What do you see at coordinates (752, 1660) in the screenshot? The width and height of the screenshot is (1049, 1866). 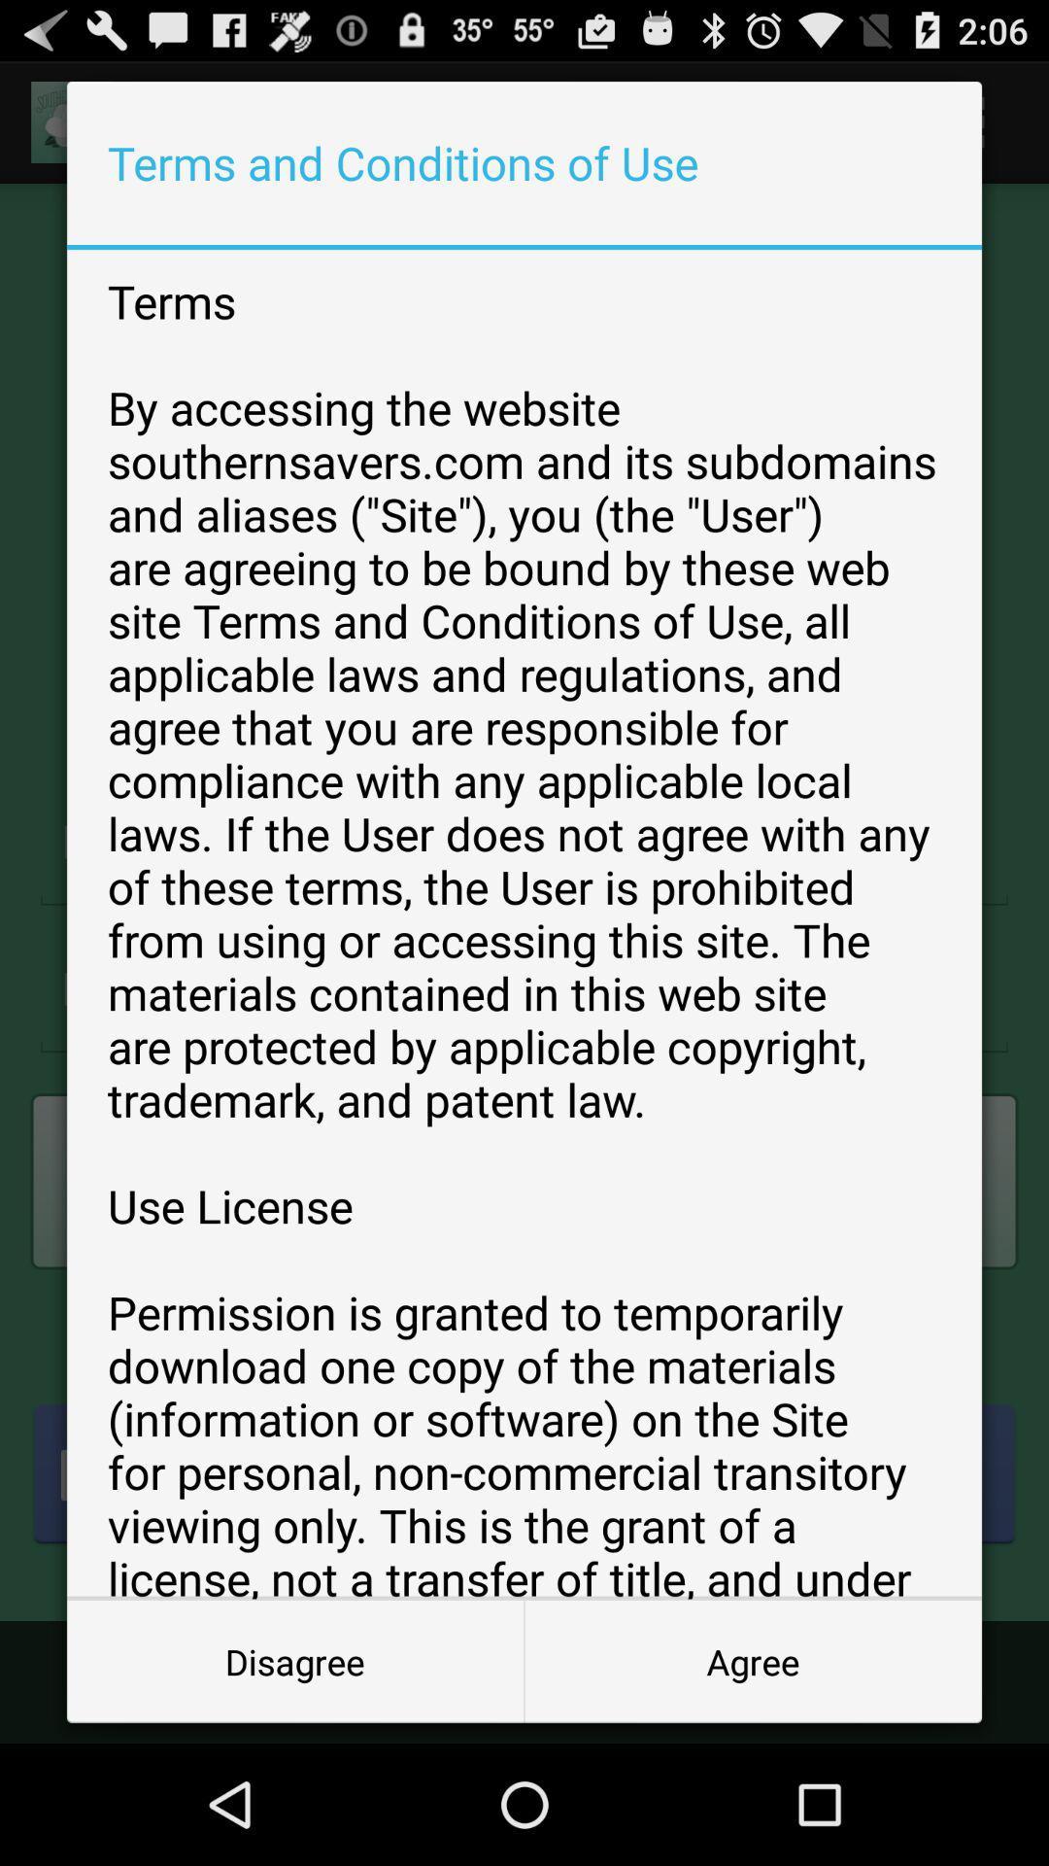 I see `item at the bottom right corner` at bounding box center [752, 1660].